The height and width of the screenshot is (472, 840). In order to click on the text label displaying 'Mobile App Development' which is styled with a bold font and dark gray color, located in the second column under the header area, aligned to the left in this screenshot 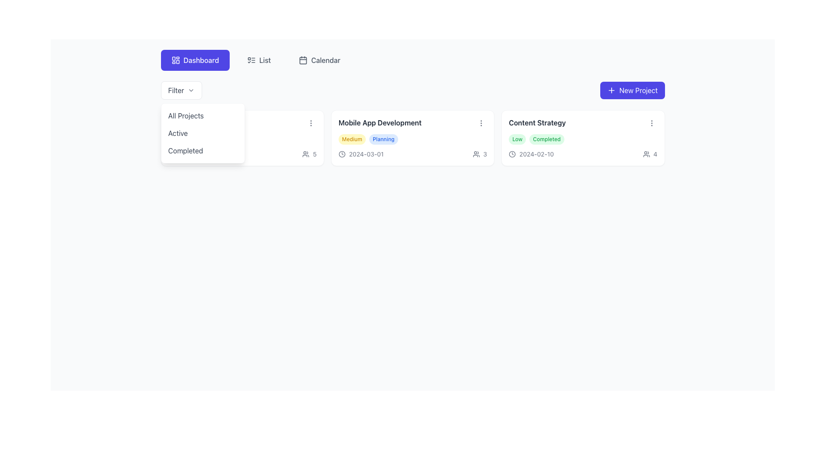, I will do `click(380, 123)`.